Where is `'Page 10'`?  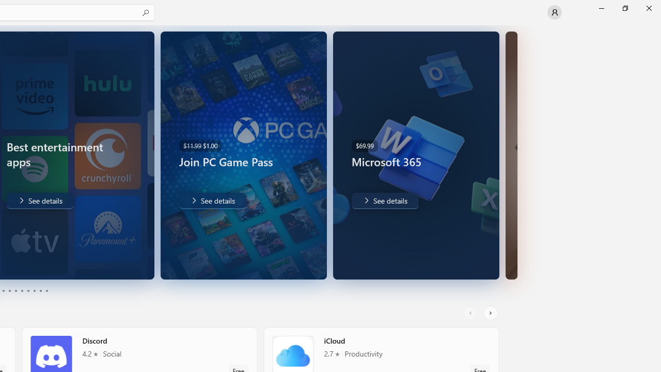 'Page 10' is located at coordinates (46, 291).